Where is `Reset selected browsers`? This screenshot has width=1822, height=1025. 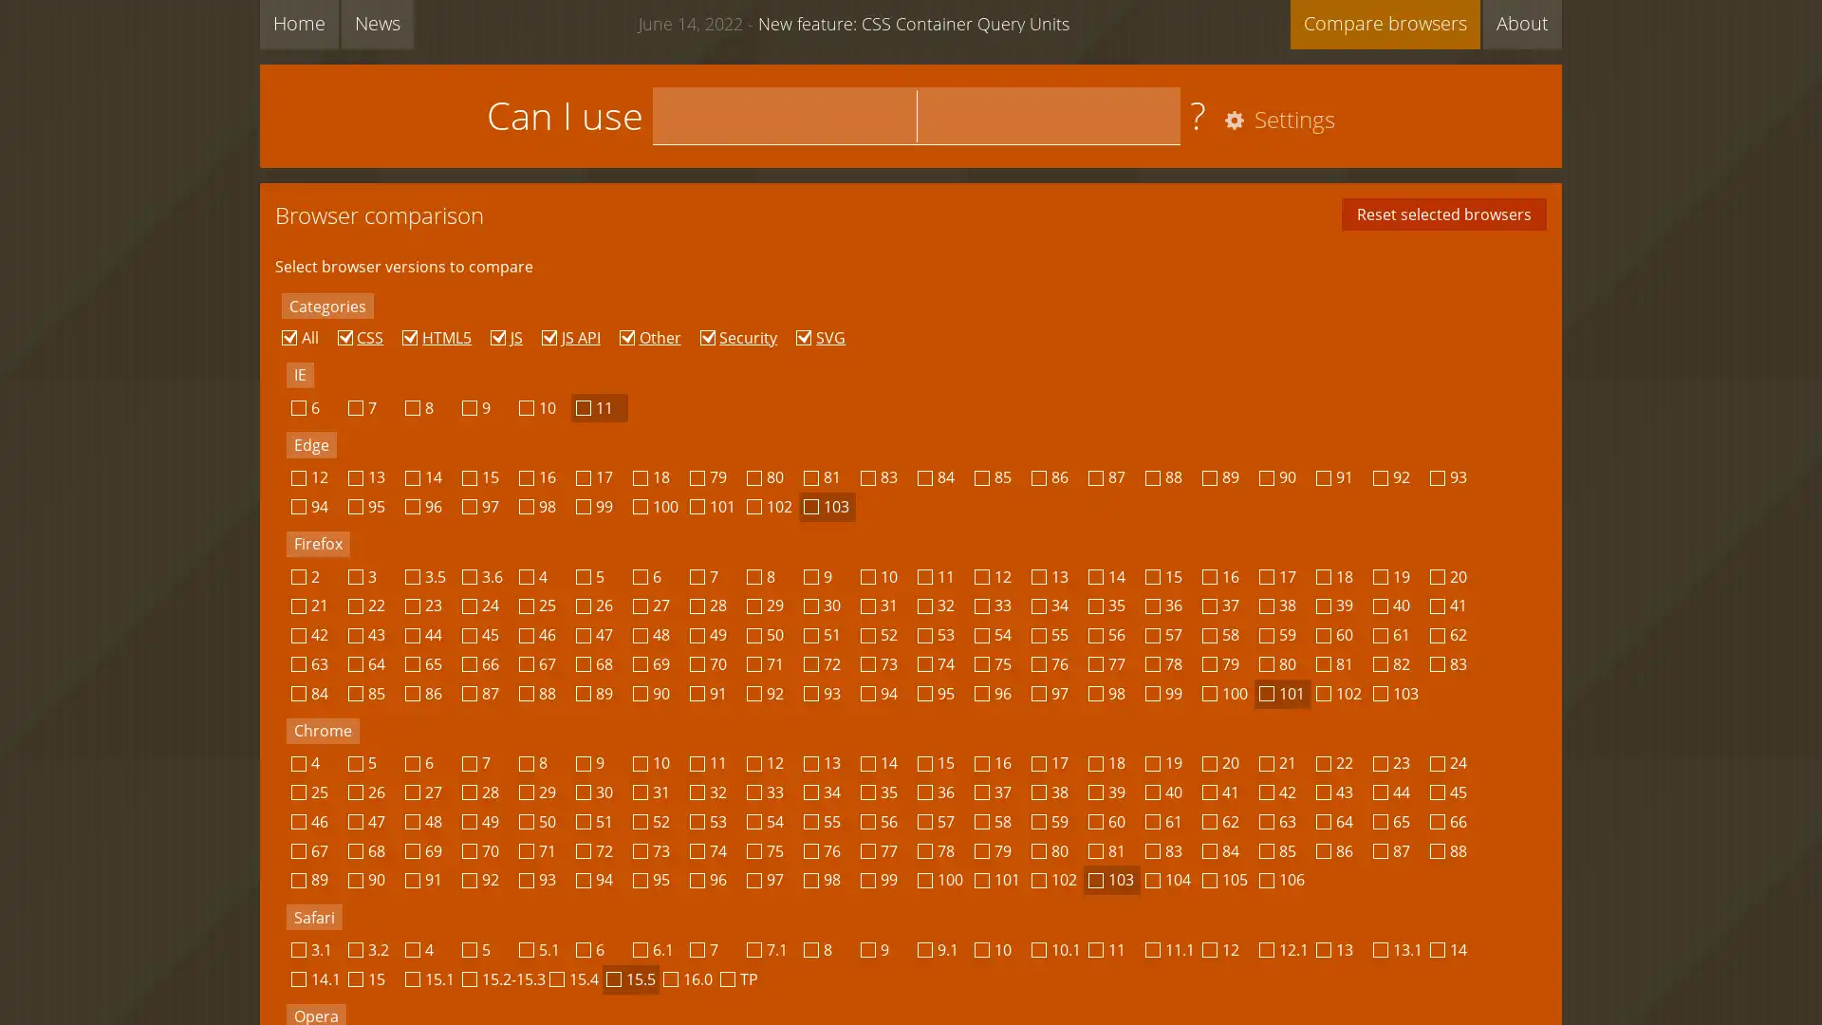 Reset selected browsers is located at coordinates (1442, 214).